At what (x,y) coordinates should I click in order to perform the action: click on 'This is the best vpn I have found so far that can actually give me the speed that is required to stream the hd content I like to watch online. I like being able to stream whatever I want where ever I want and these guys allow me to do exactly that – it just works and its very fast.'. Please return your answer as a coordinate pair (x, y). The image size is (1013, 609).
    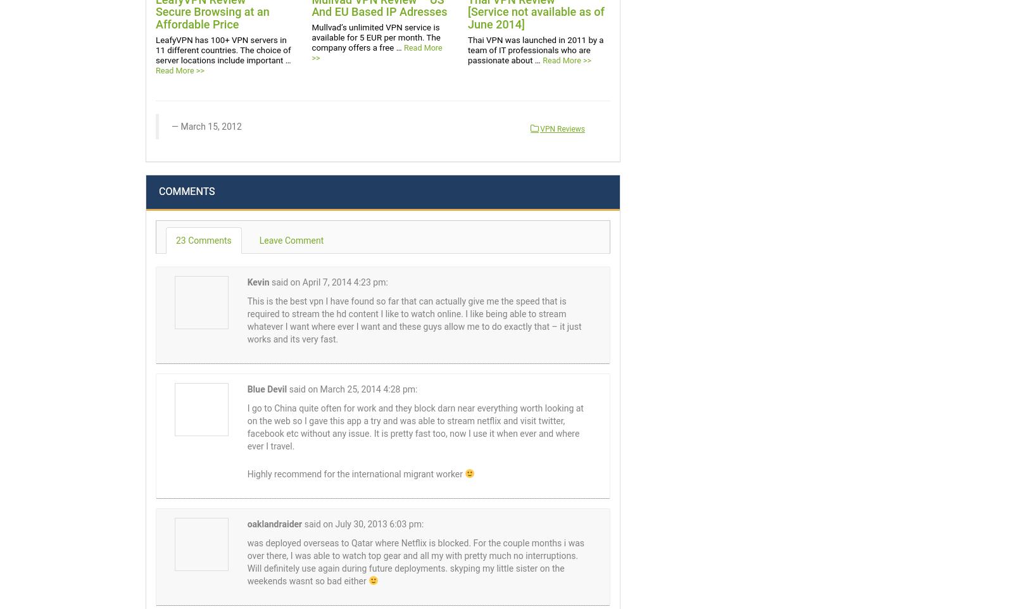
    Looking at the image, I should click on (414, 318).